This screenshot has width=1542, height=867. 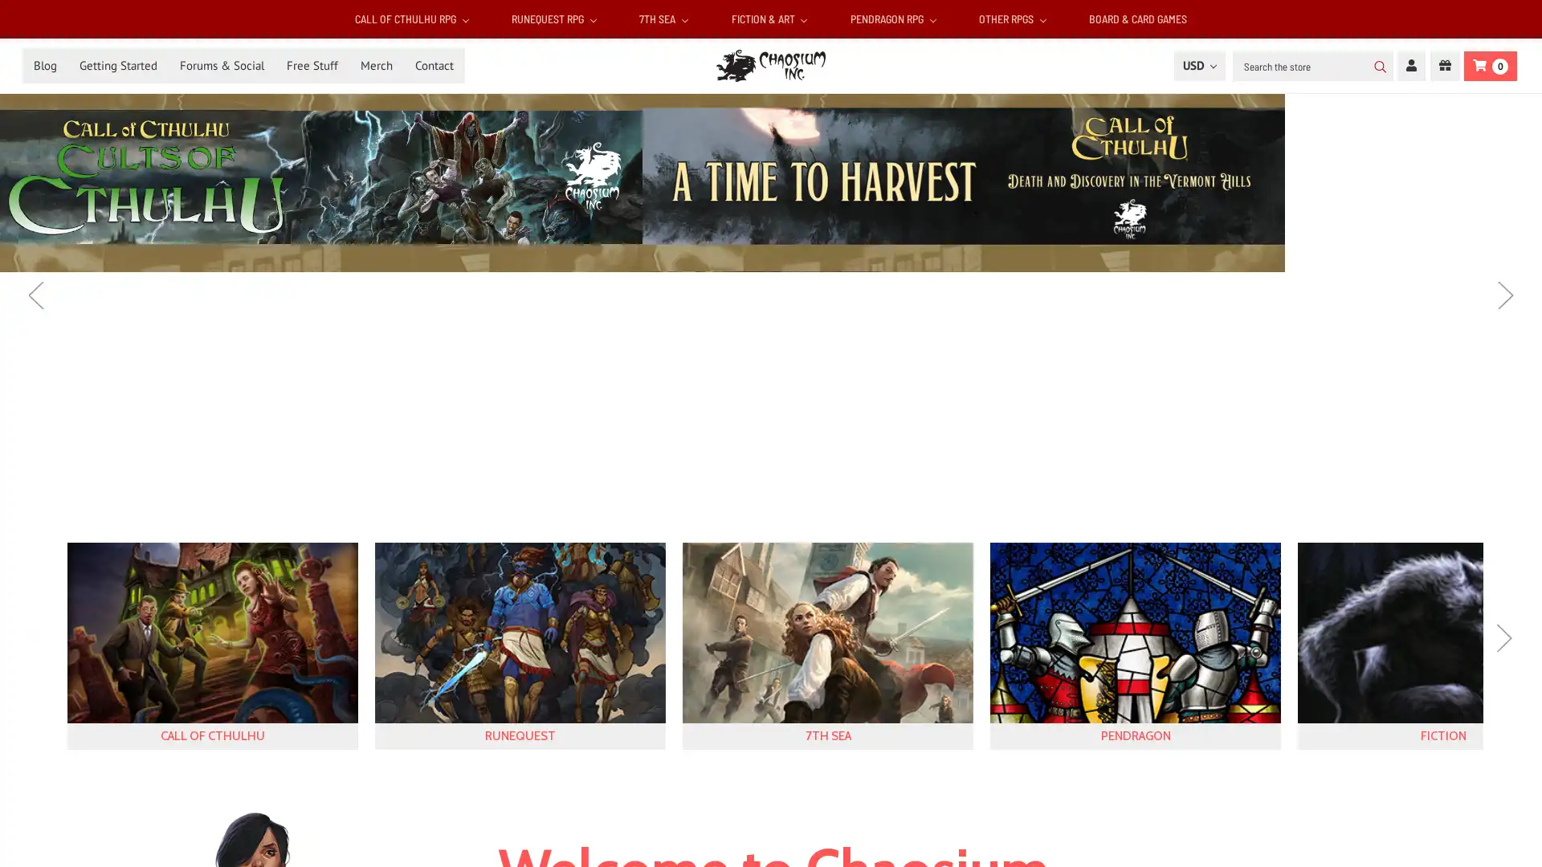 I want to click on Previous, so click(x=37, y=653).